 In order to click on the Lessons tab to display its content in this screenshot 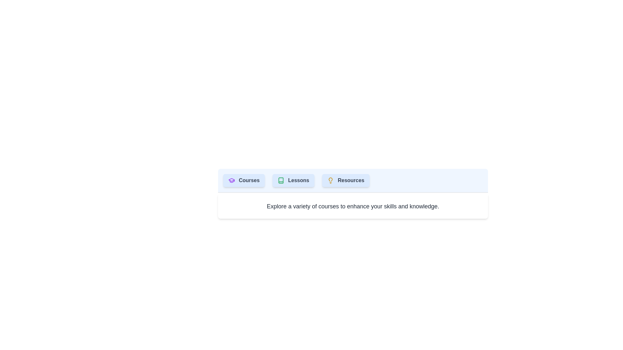, I will do `click(293, 180)`.